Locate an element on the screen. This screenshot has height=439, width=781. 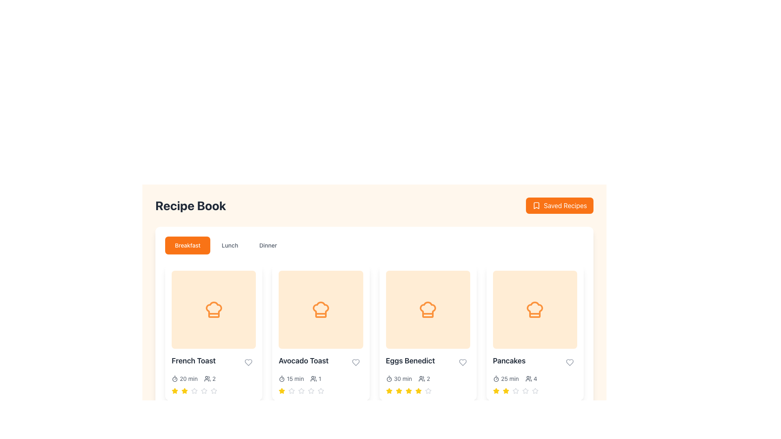
the fifth star in the rating system for the 'Eggs Benedict' recipe card to adjust the rating is located at coordinates (418, 390).